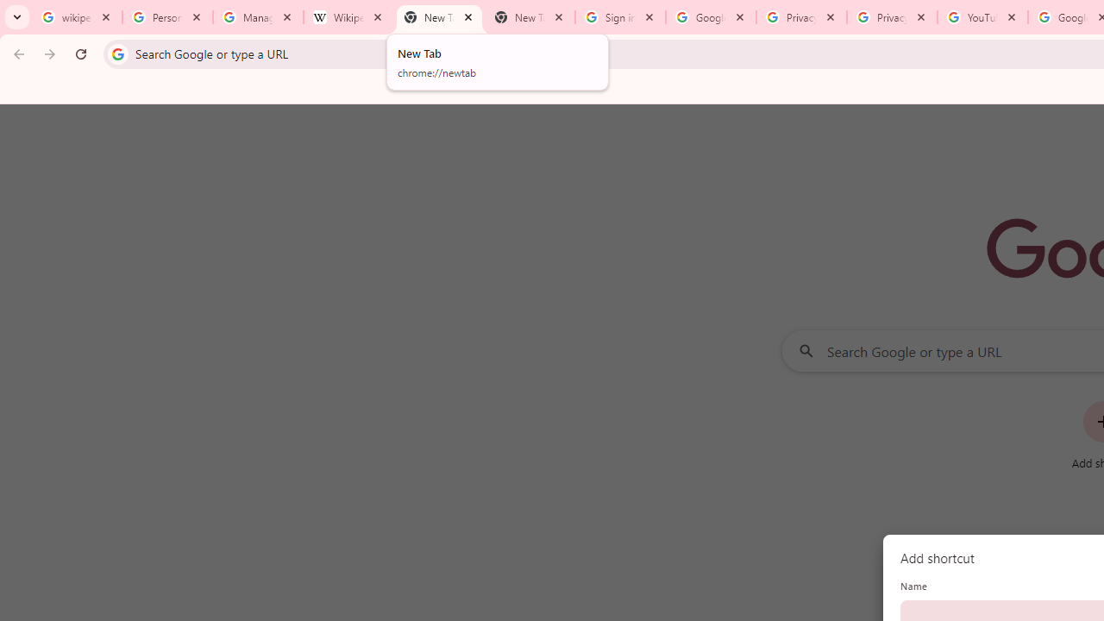  What do you see at coordinates (711, 17) in the screenshot?
I see `'Google Drive: Sign-in'` at bounding box center [711, 17].